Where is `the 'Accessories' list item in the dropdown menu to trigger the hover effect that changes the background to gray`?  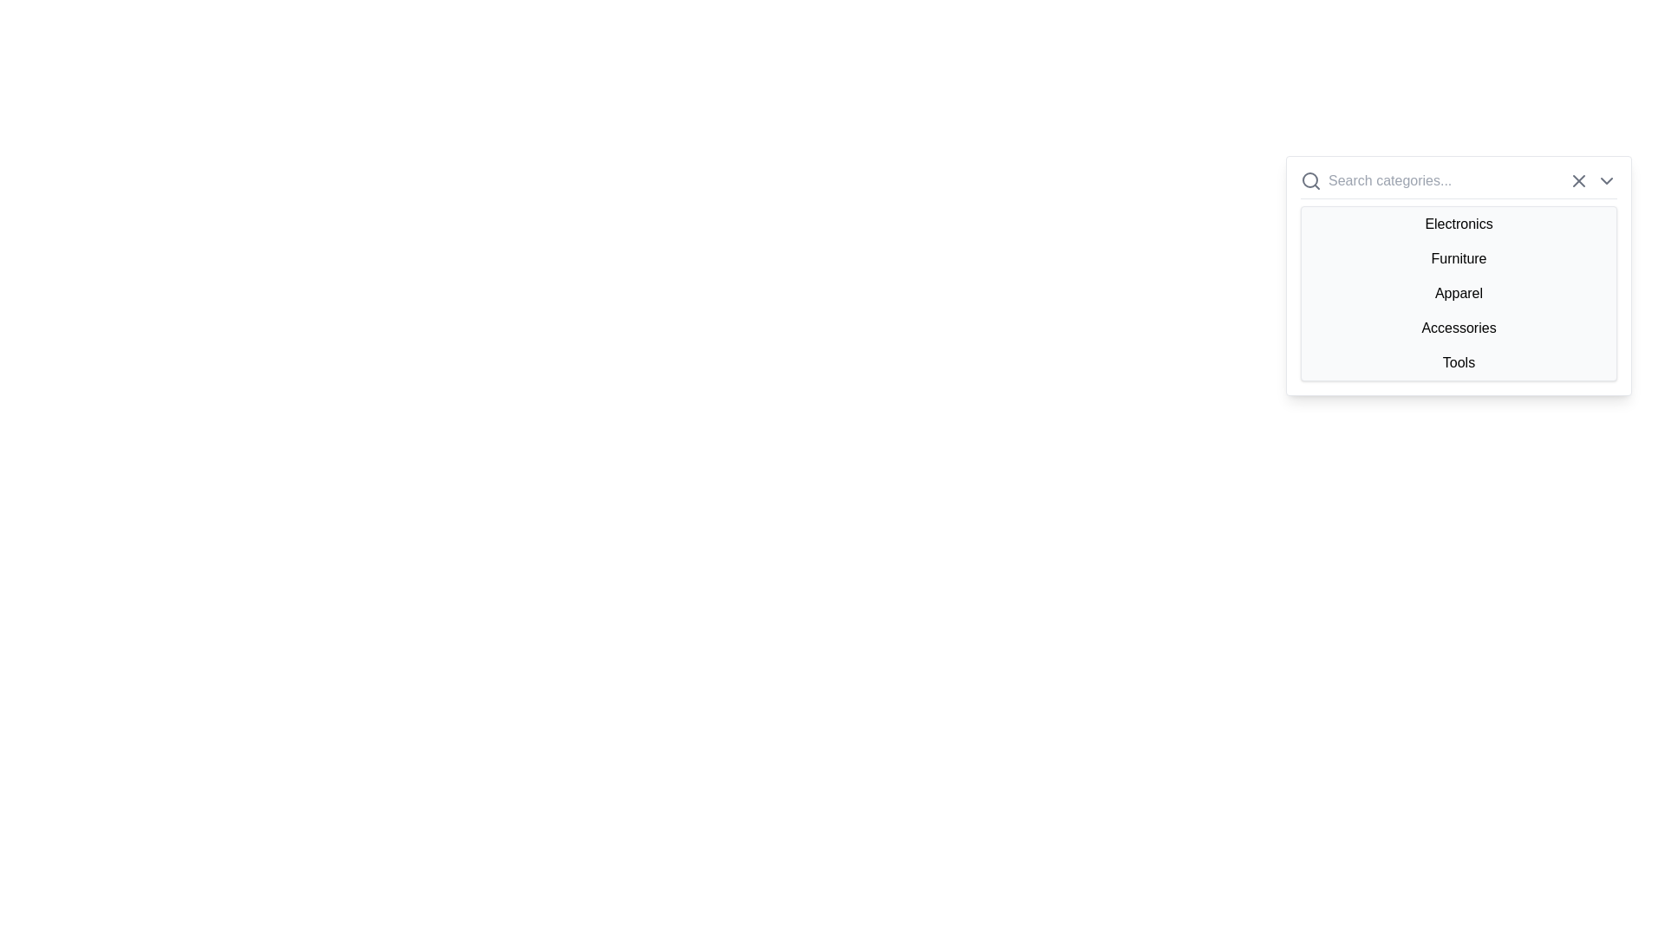 the 'Accessories' list item in the dropdown menu to trigger the hover effect that changes the background to gray is located at coordinates (1458, 328).